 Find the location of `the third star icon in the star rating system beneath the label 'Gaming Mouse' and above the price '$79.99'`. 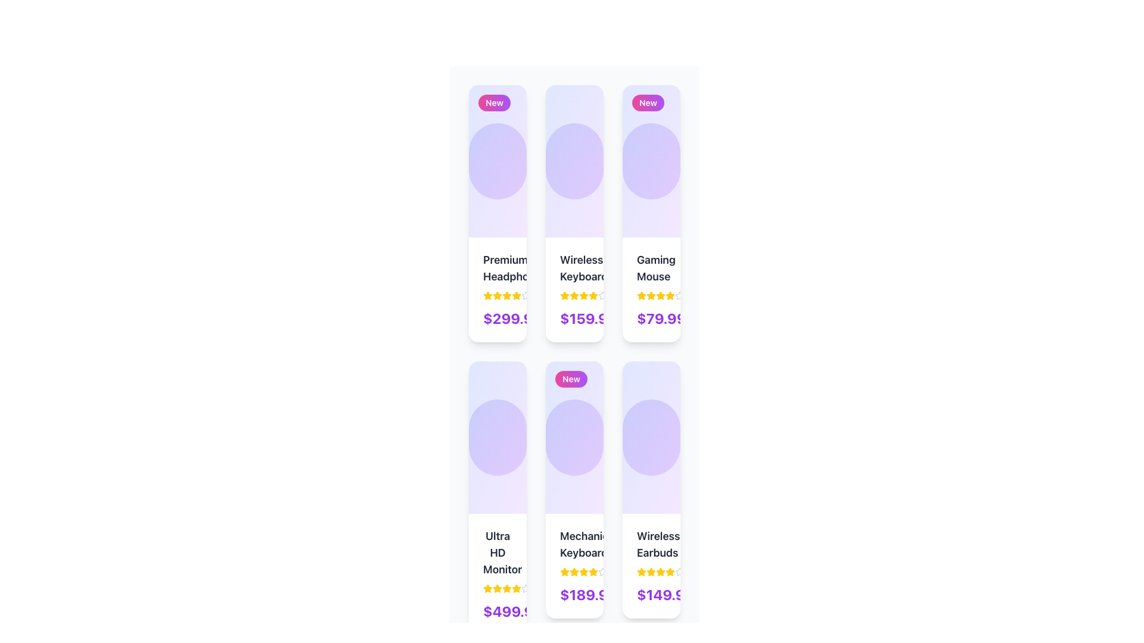

the third star icon in the star rating system beneath the label 'Gaming Mouse' and above the price '$79.99' is located at coordinates (651, 295).